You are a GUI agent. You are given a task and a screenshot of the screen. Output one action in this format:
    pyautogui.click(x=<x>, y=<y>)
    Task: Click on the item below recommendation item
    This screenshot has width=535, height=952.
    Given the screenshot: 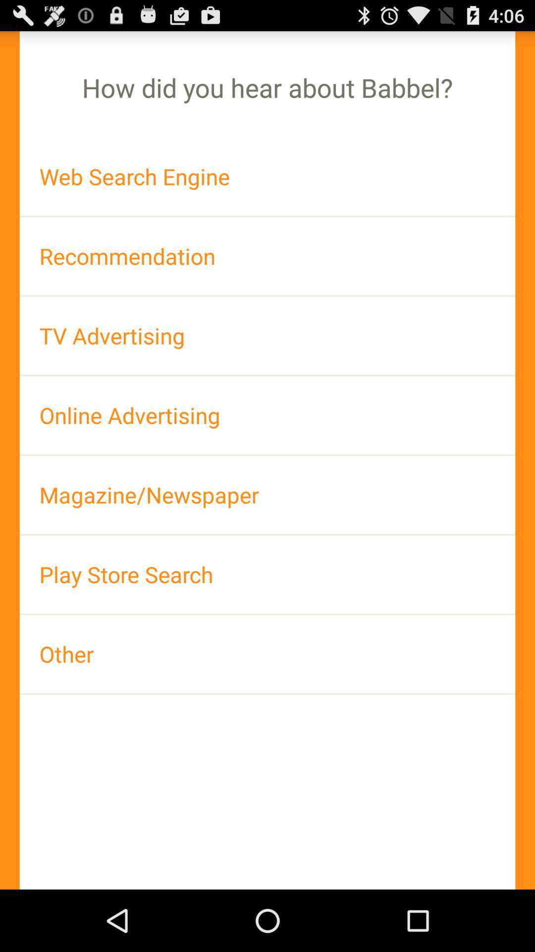 What is the action you would take?
    pyautogui.click(x=267, y=336)
    